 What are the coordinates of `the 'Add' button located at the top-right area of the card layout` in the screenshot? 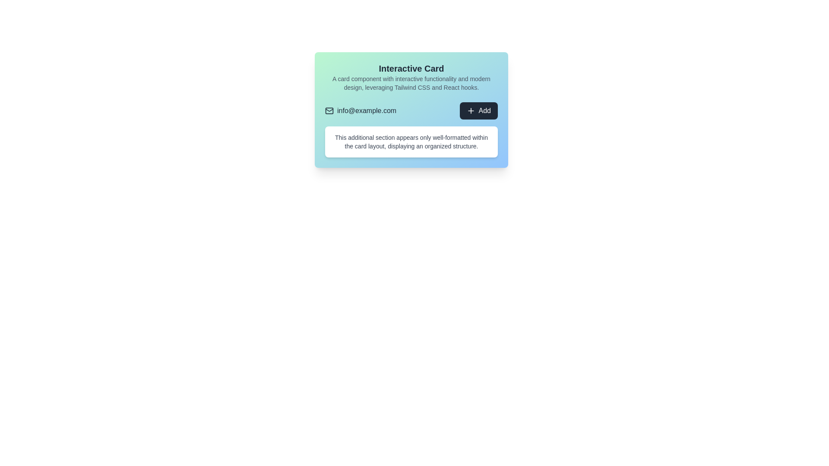 It's located at (478, 110).